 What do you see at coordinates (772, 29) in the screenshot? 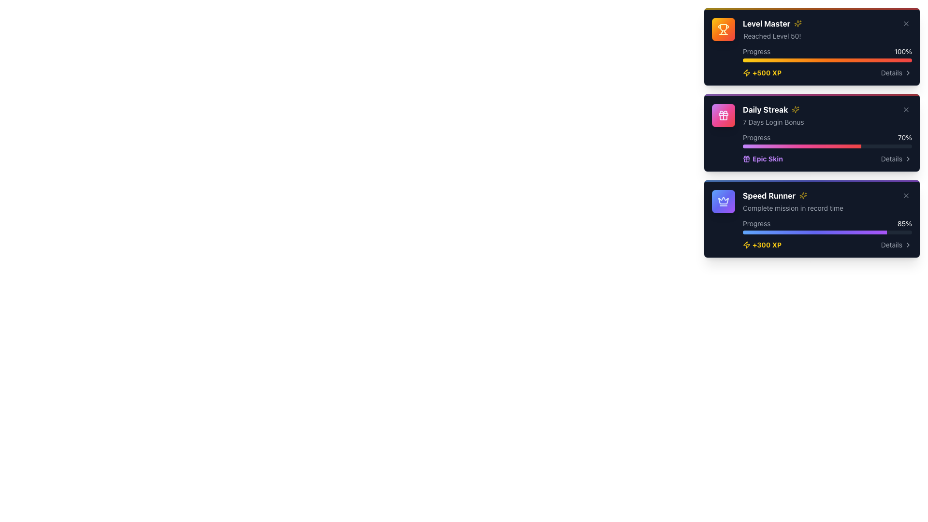
I see `the Informational display panel or achievement badge that shows 'Level Master' and 'Reached Level 50!' with a sparkling star icon to the right` at bounding box center [772, 29].